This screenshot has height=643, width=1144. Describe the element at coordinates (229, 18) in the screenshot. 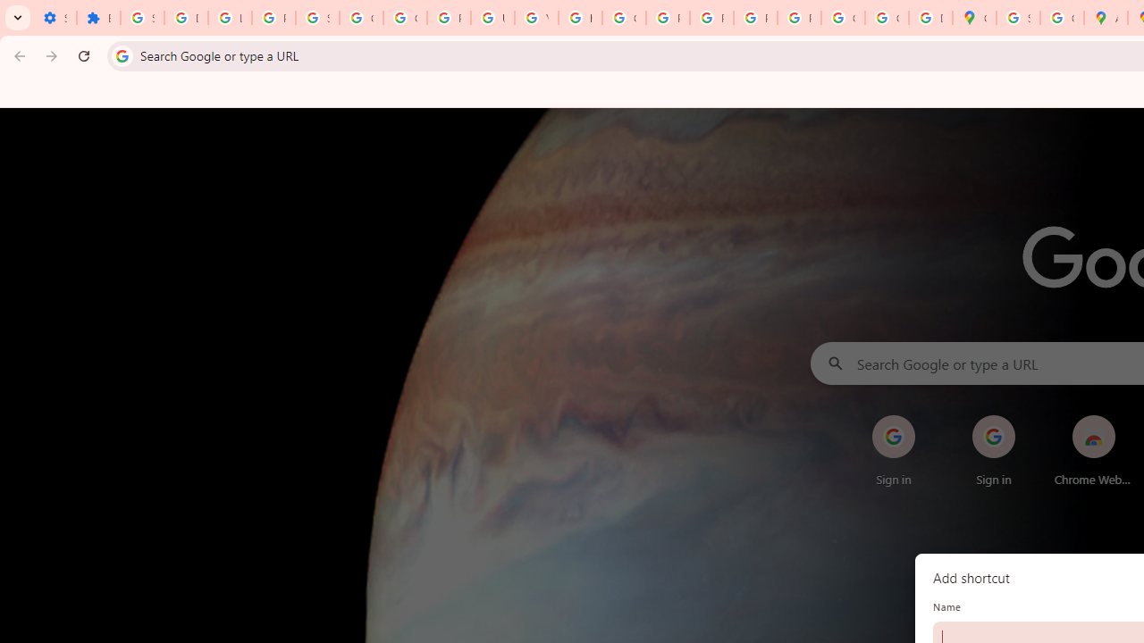

I see `'Learn how to find your photos - Google Photos Help'` at that location.